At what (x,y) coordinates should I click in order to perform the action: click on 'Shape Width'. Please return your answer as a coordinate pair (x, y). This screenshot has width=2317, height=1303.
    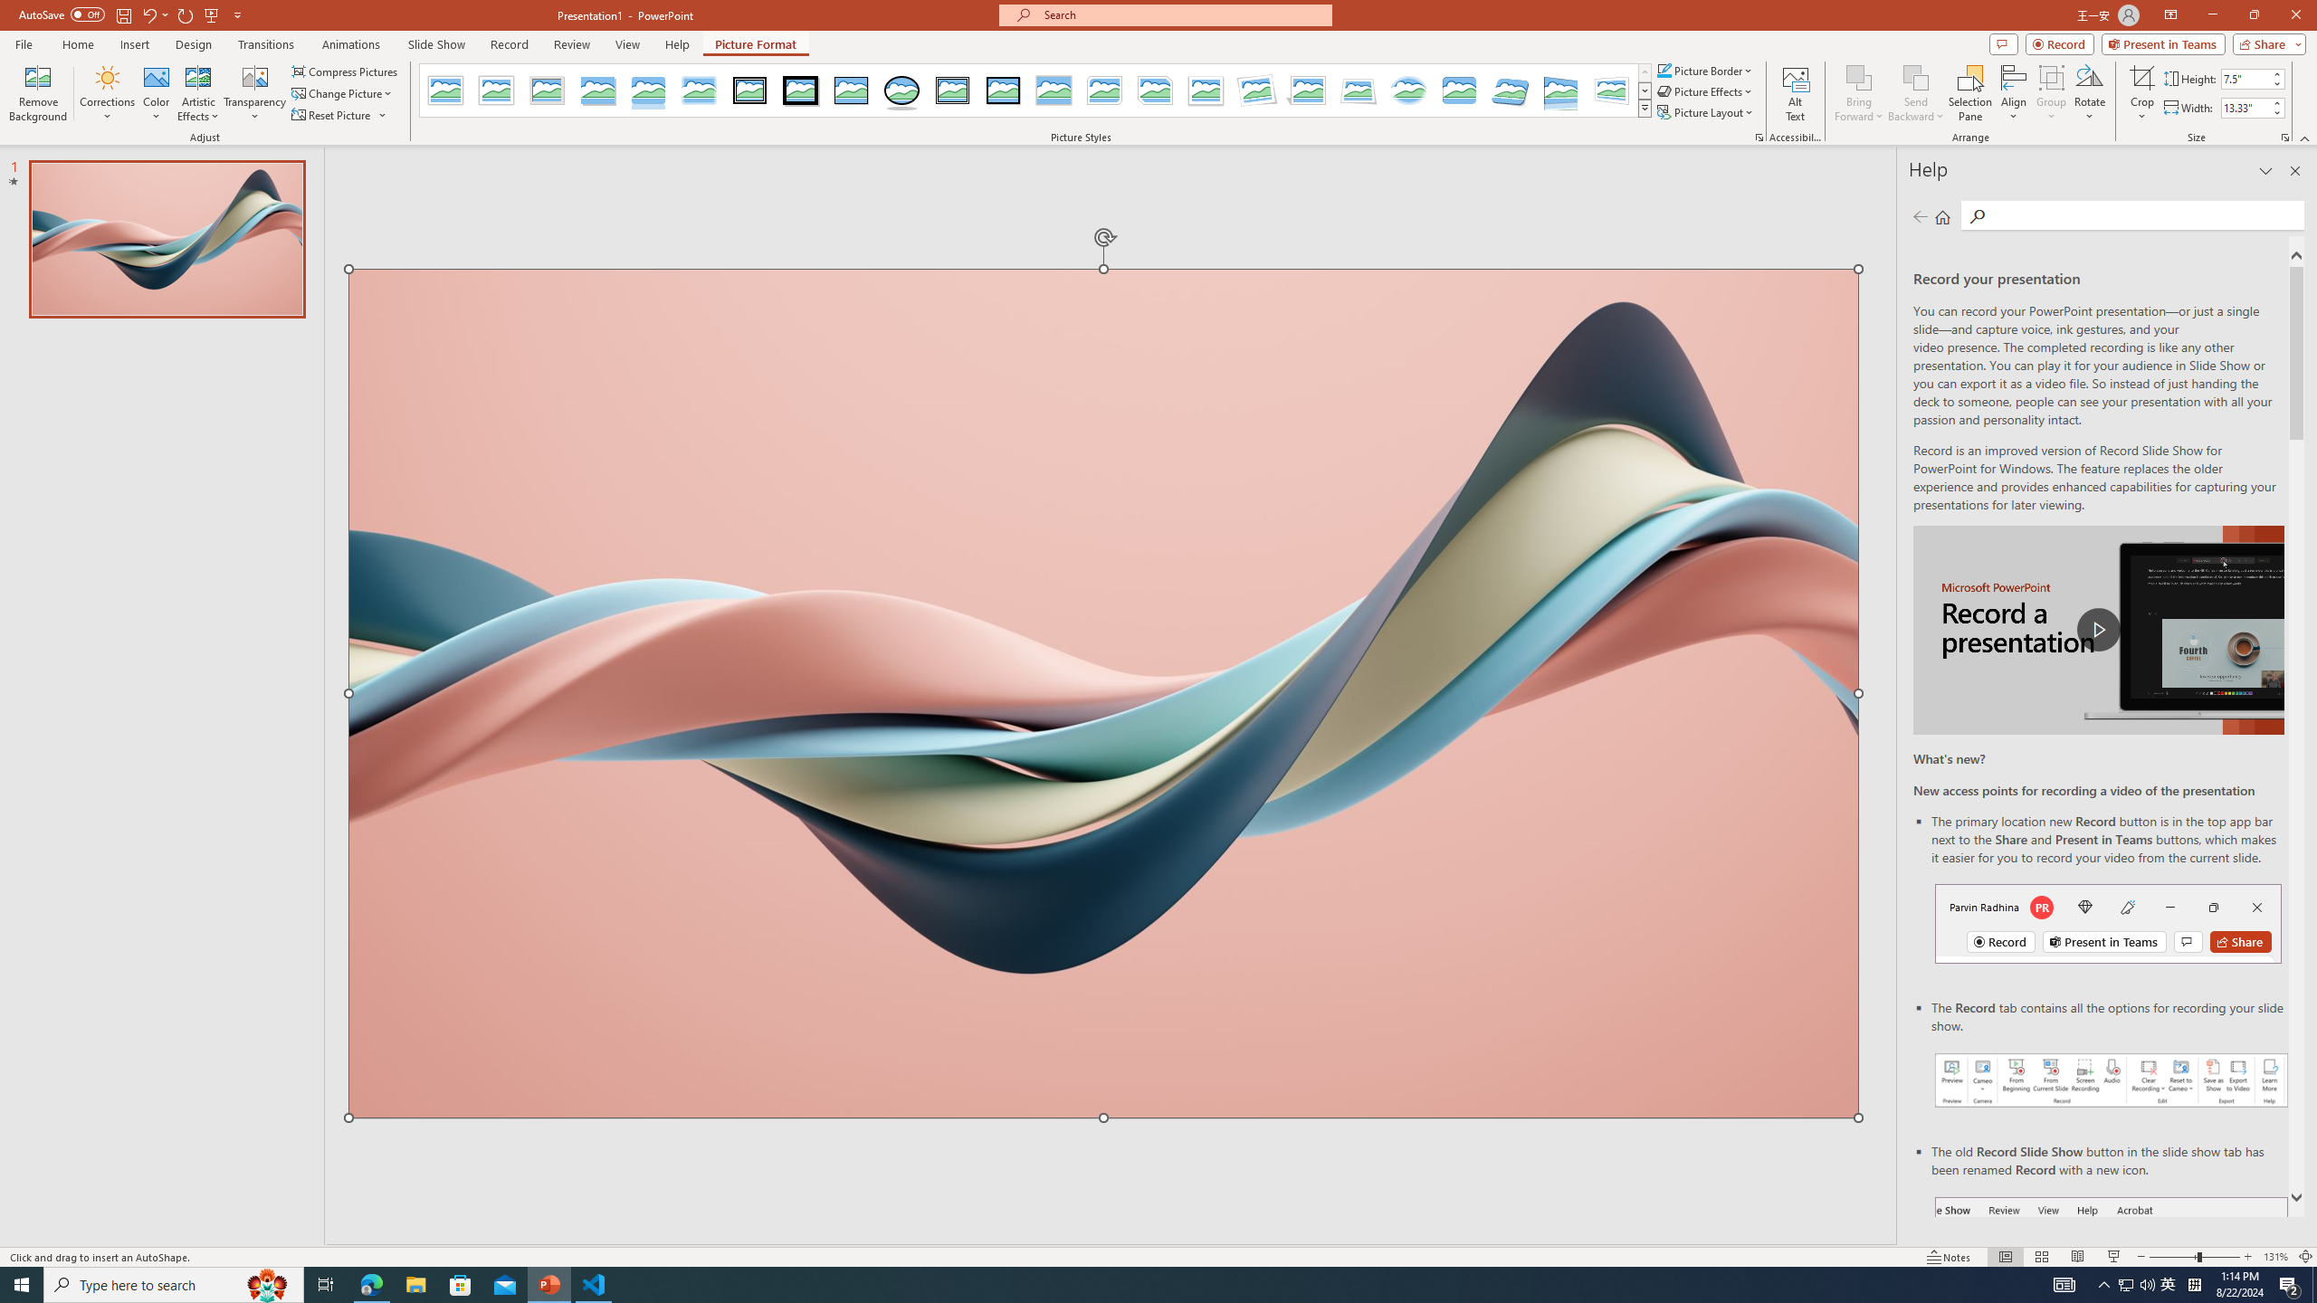
    Looking at the image, I should click on (2244, 107).